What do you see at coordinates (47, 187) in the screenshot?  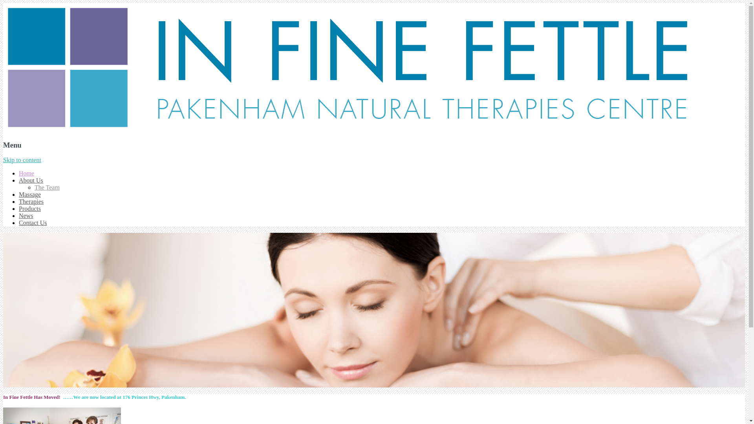 I see `'The Team'` at bounding box center [47, 187].